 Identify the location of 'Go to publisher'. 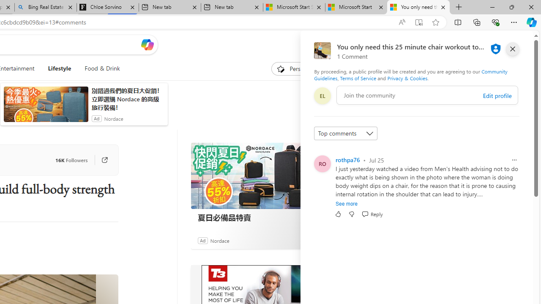
(100, 160).